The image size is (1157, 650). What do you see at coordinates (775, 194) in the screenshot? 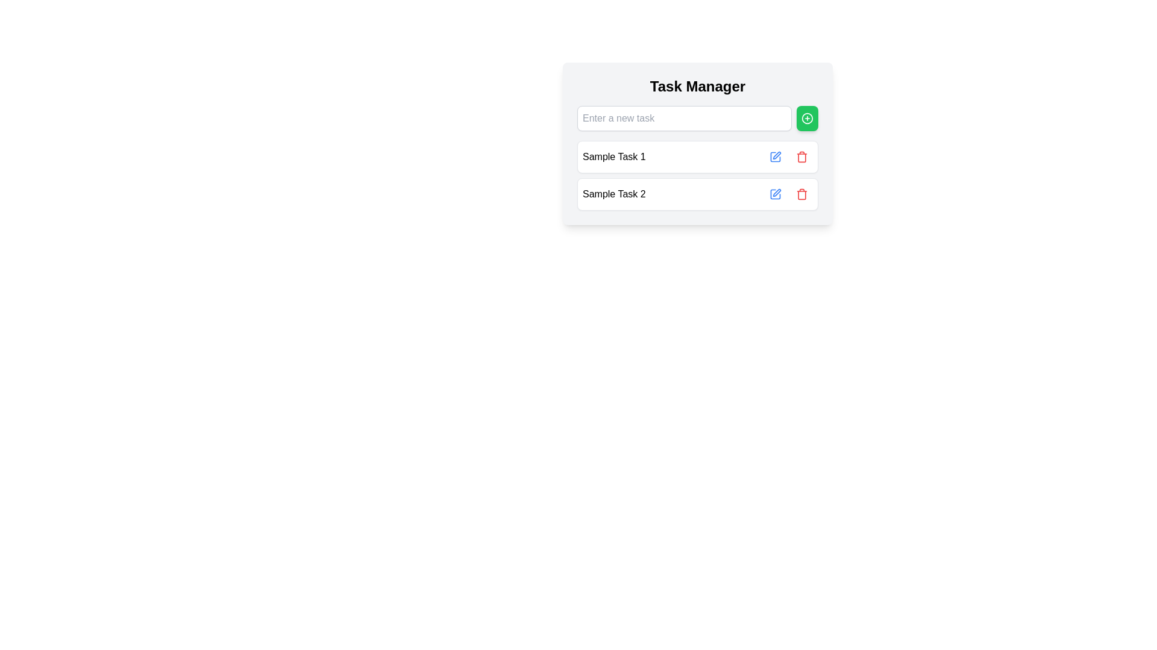
I see `the edit button for 'Sample Task 2'` at bounding box center [775, 194].